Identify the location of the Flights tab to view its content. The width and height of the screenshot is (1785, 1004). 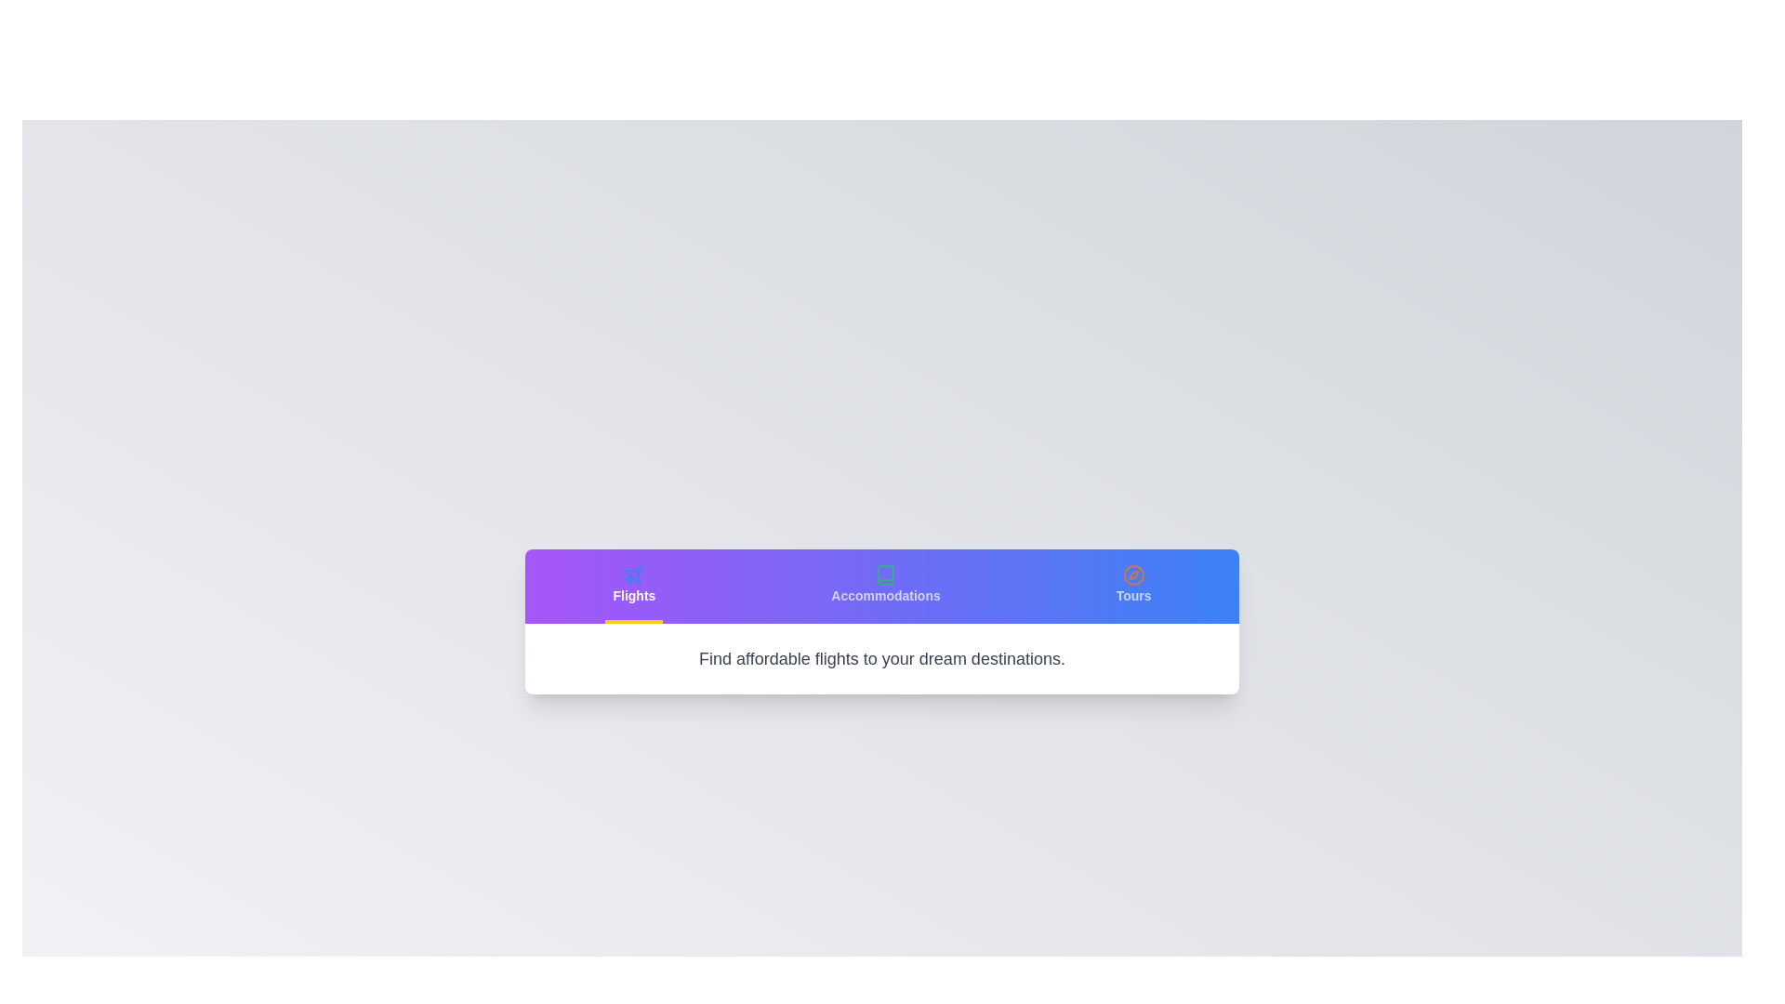
(633, 587).